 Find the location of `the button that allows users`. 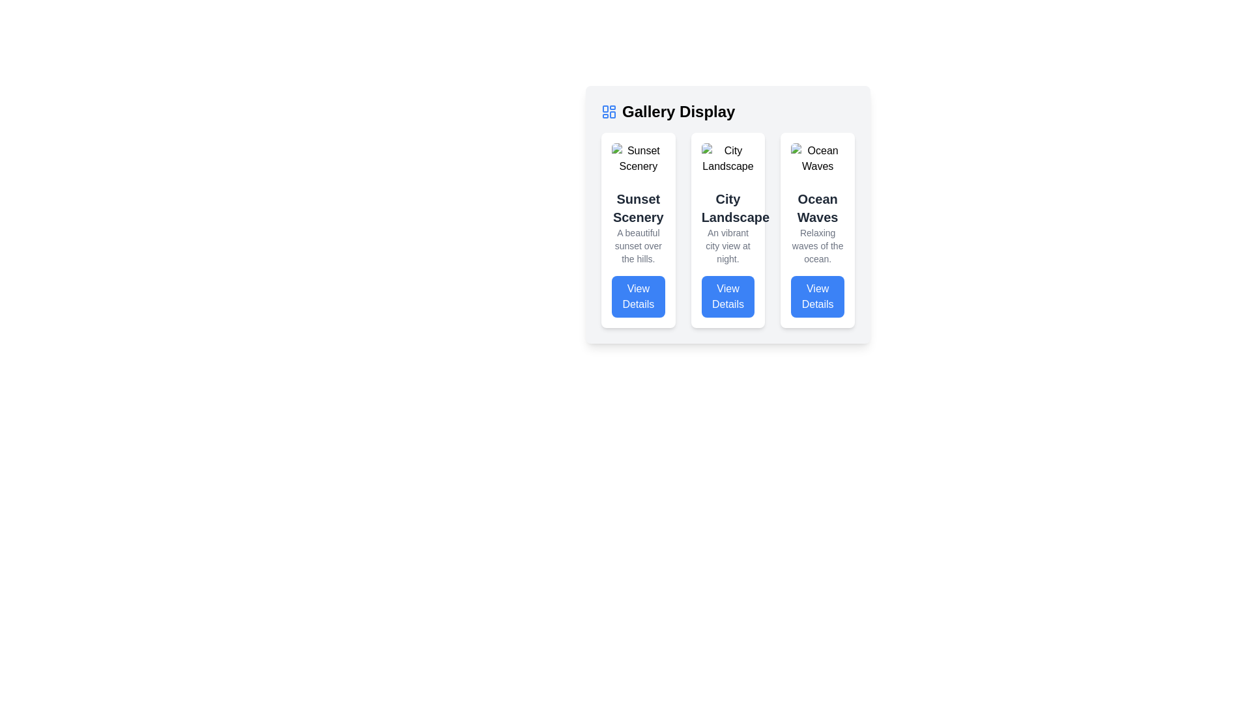

the button that allows users is located at coordinates (727, 296).